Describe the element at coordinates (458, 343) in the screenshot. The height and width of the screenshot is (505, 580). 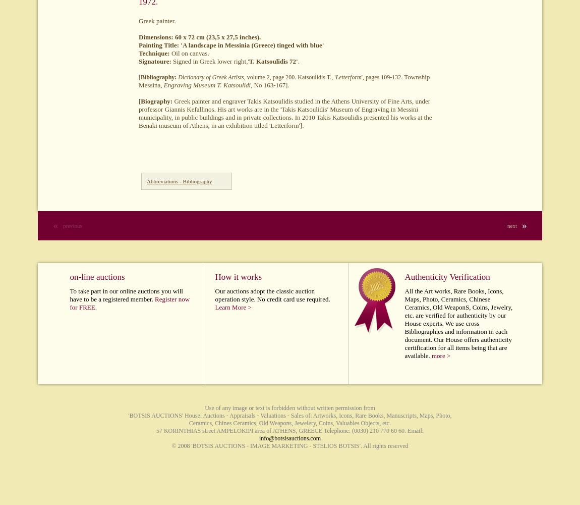
I see `'Our House offers authenticity certification for'` at that location.